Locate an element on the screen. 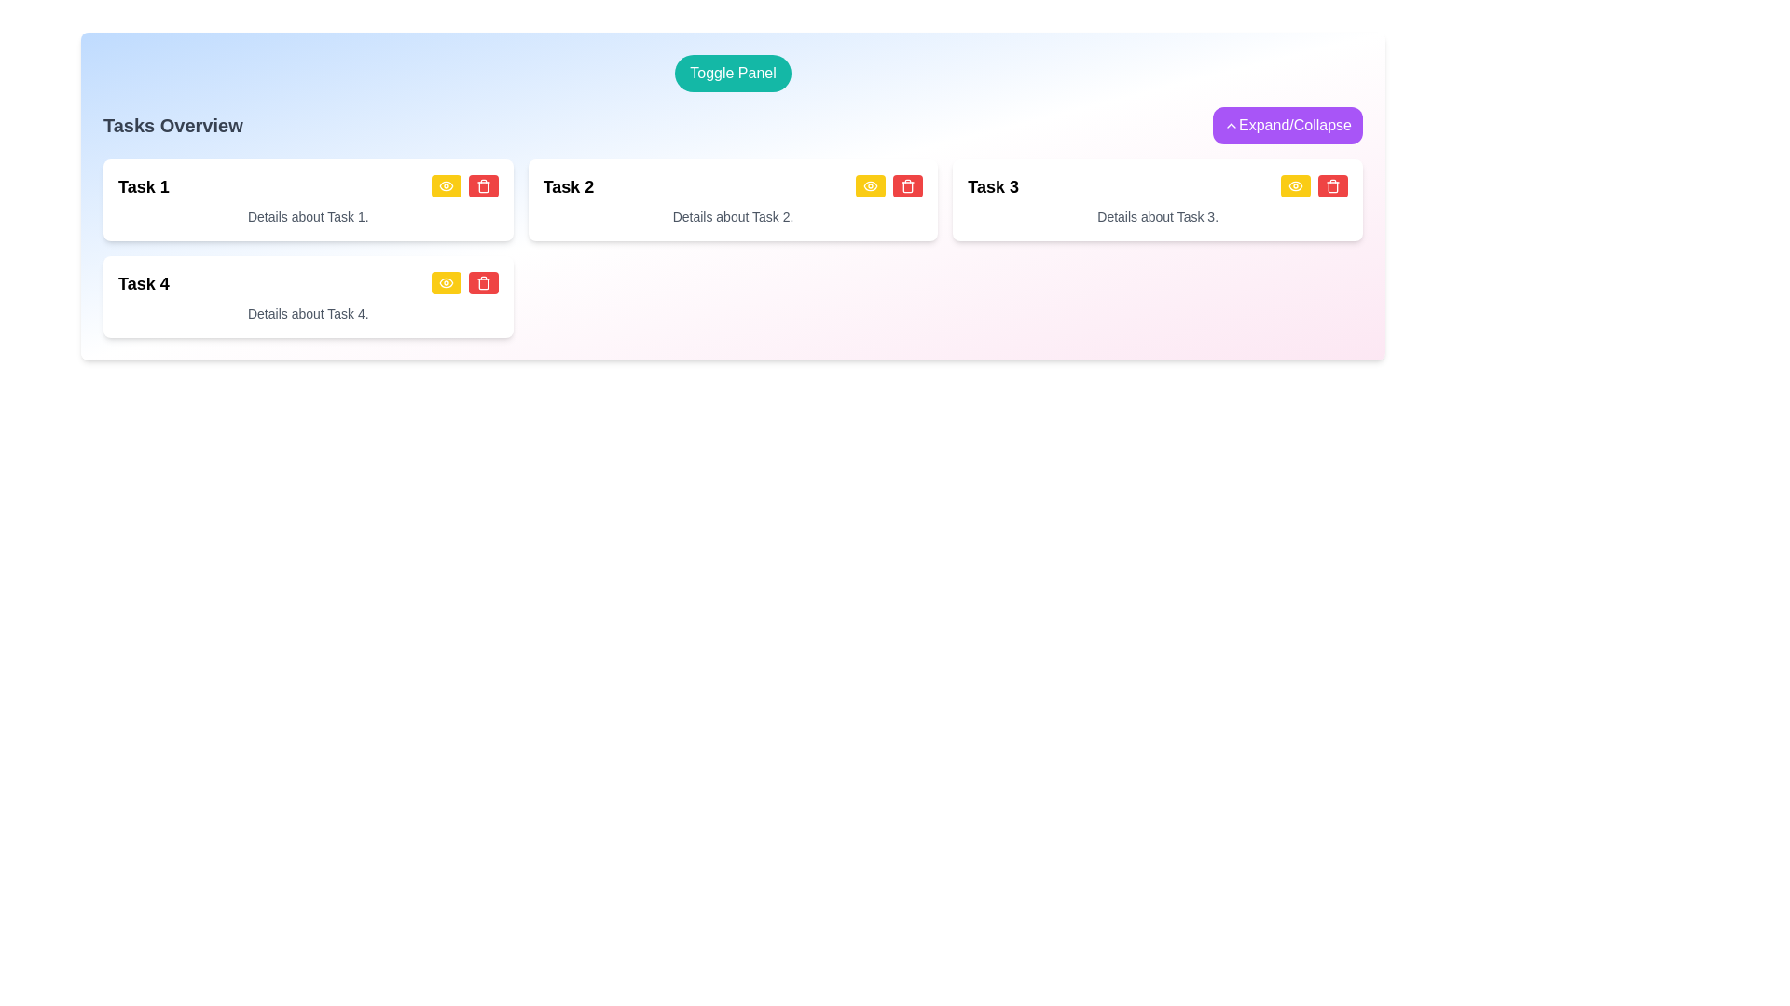 This screenshot has height=1006, width=1790. the red delete button with a trash bin icon located at the top-right region of the 'Task 2' card is located at coordinates (908, 185).